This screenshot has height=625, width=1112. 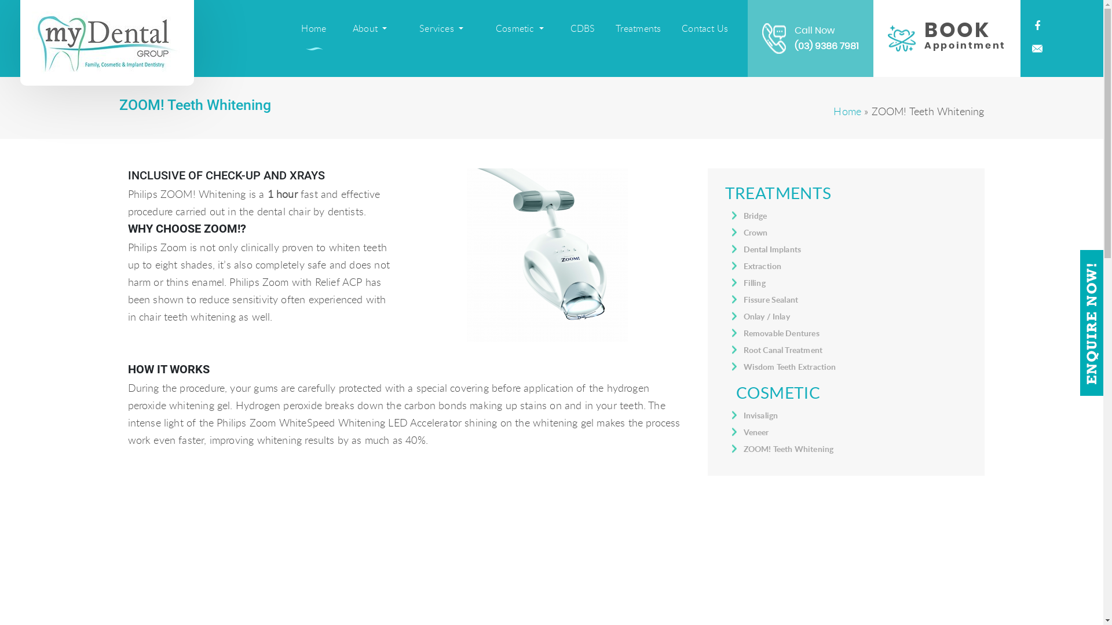 What do you see at coordinates (583, 28) in the screenshot?
I see `'CDBS'` at bounding box center [583, 28].